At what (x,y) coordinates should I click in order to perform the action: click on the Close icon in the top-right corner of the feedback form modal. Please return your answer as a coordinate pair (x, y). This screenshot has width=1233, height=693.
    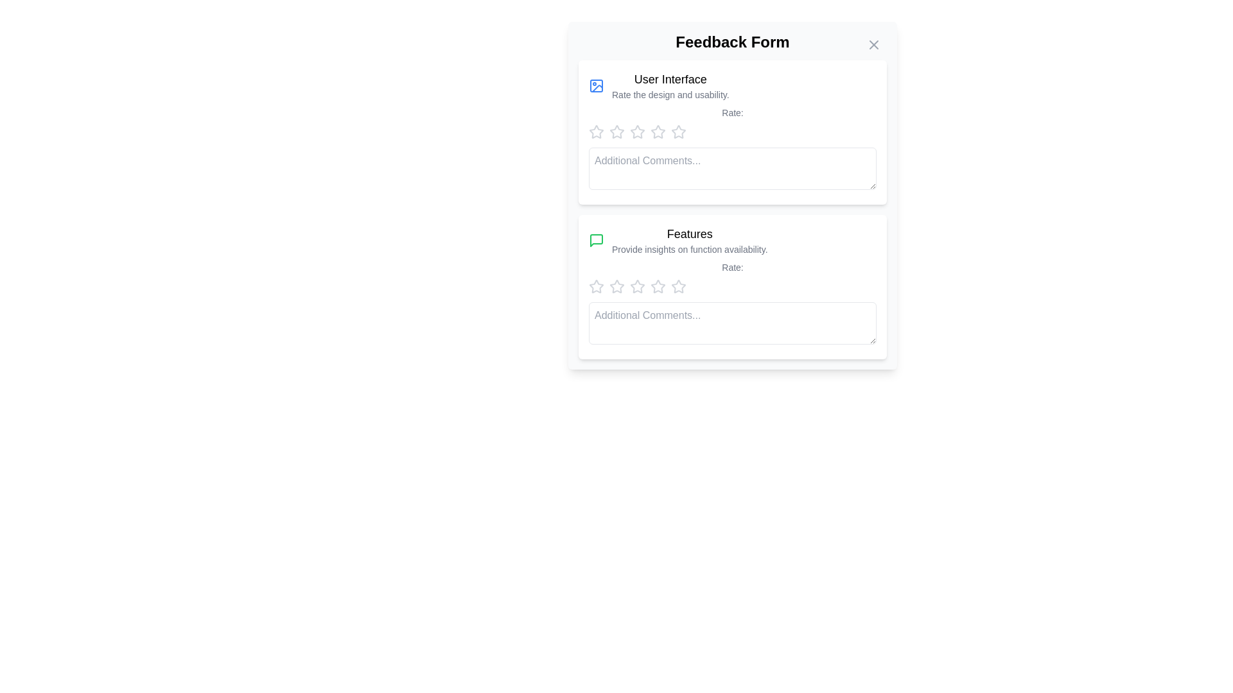
    Looking at the image, I should click on (873, 44).